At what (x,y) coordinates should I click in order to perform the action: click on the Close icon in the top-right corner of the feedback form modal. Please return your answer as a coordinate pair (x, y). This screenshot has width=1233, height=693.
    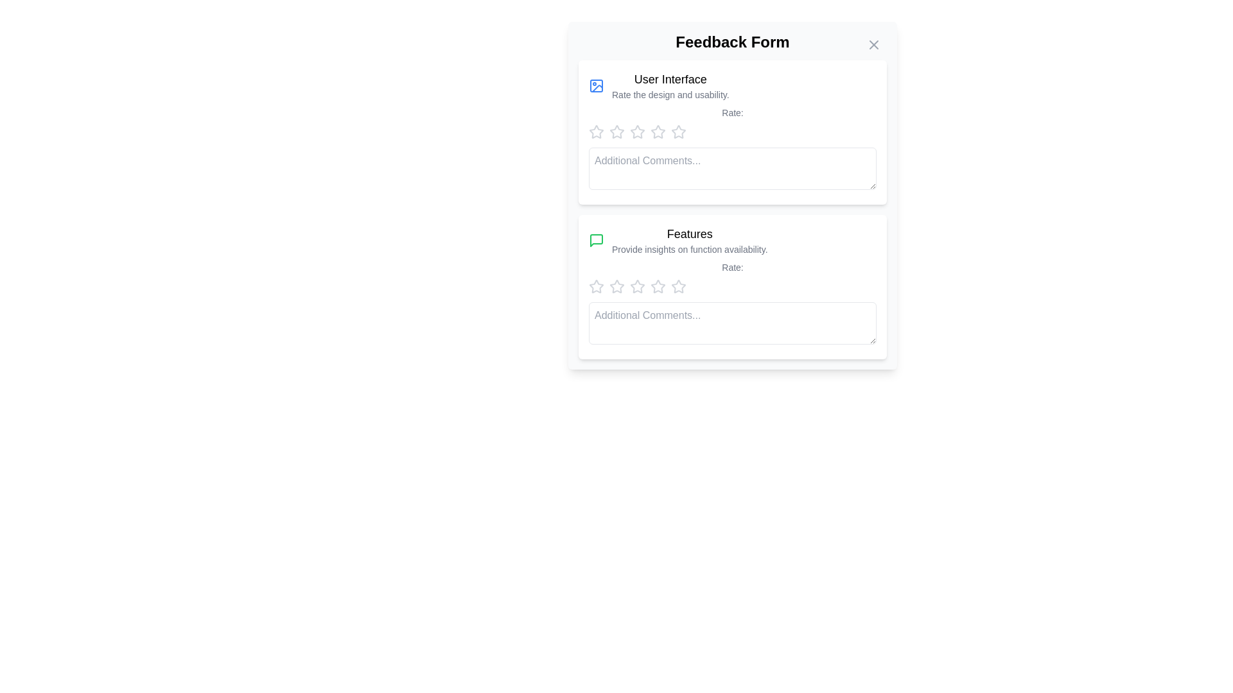
    Looking at the image, I should click on (873, 44).